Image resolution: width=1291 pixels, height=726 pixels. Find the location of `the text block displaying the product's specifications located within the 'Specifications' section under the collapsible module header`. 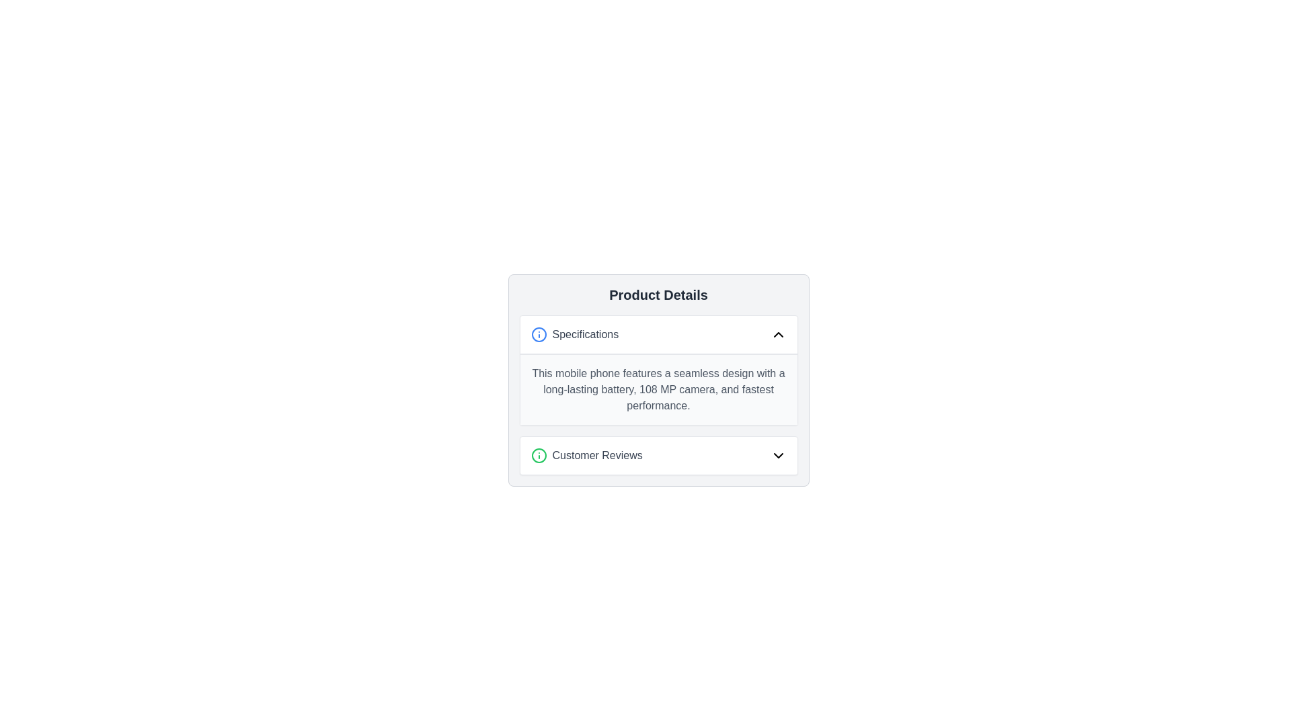

the text block displaying the product's specifications located within the 'Specifications' section under the collapsible module header is located at coordinates (658, 389).